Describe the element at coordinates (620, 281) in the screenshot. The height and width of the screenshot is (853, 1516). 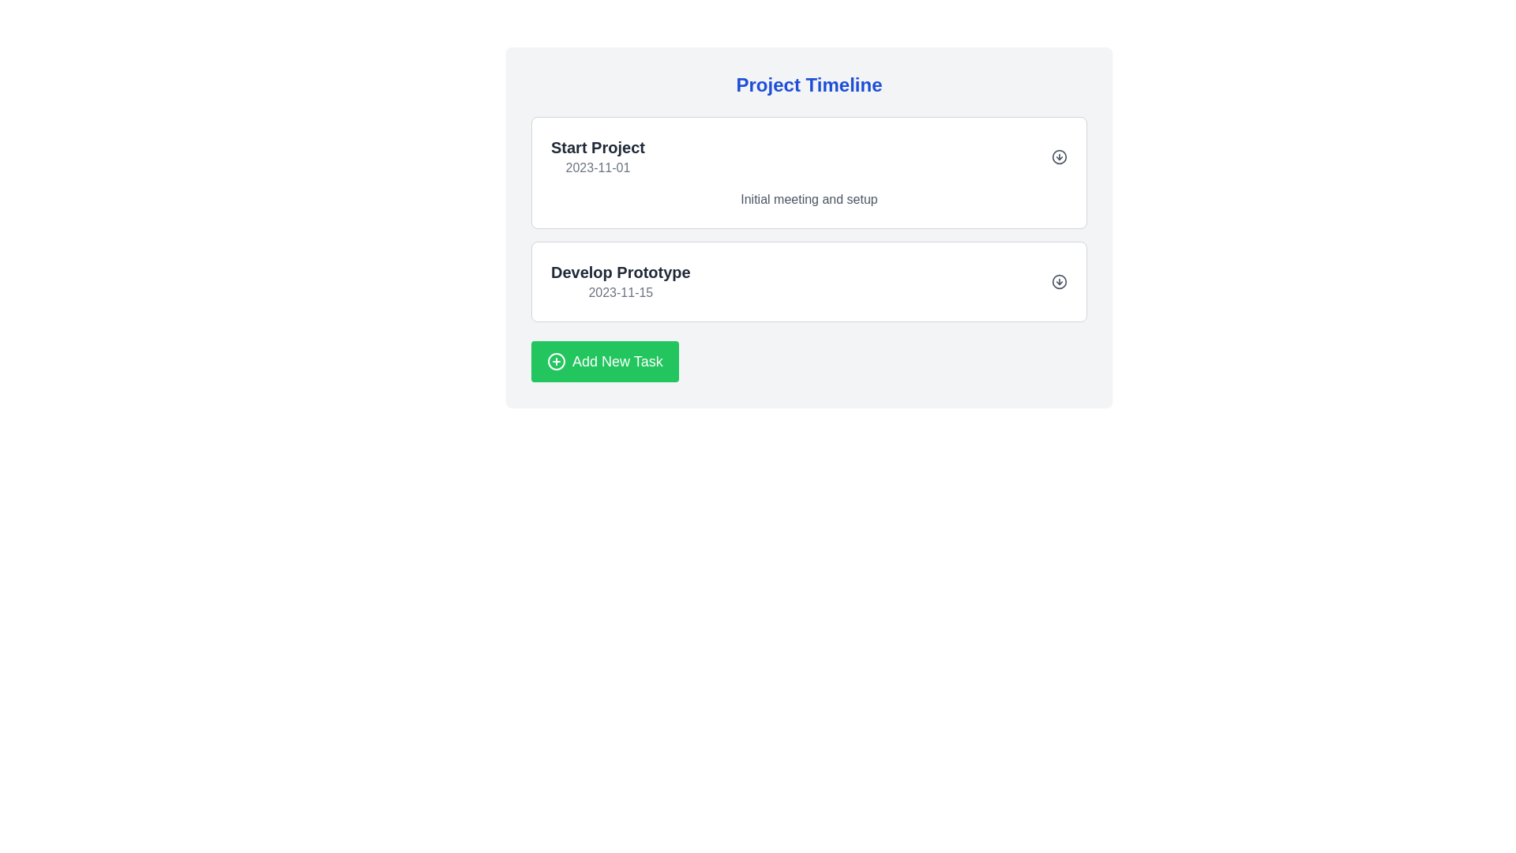
I see `task name 'Develop Prototype' and its corresponding deadline '2023-11-15' from the text display located in the right half of the second section of the vertically stacked card layout` at that location.